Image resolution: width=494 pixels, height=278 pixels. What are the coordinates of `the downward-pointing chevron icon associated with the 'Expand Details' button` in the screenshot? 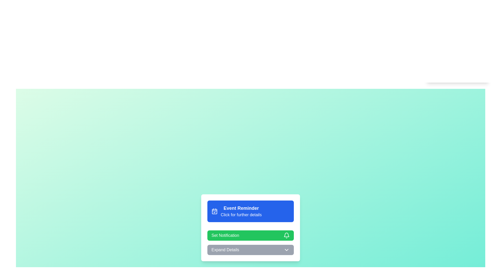 It's located at (286, 250).